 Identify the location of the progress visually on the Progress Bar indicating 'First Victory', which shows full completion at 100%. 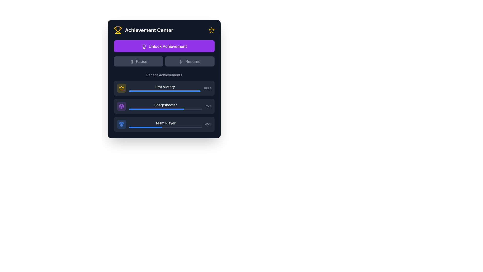
(165, 91).